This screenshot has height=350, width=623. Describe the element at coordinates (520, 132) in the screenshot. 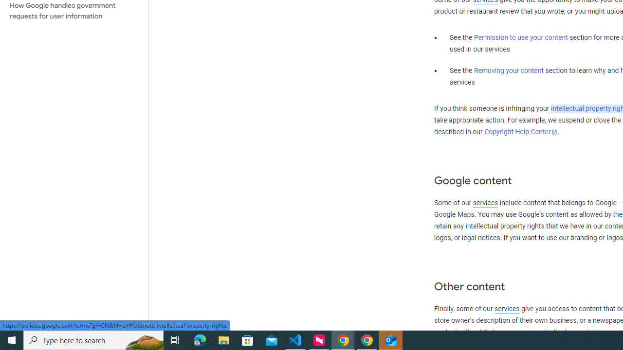

I see `'Copyright Help Center'` at that location.